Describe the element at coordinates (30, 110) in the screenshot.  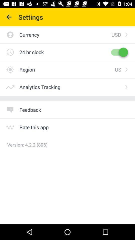
I see `item above rate this app item` at that location.